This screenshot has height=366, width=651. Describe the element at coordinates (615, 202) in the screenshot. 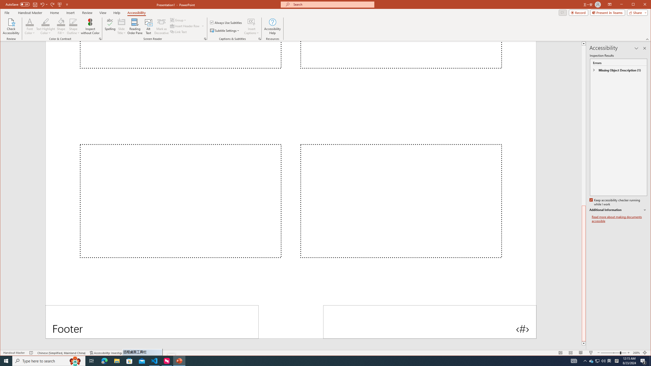

I see `'Keep accessibility checker running while I work'` at that location.